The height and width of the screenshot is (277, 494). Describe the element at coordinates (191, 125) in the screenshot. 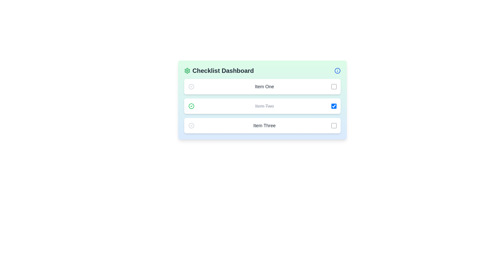

I see `the decorative badge-like circular icon with a scalloped edge and a checkmark at its center, located to the left of 'Item Three' in the third card of a vertical list` at that location.